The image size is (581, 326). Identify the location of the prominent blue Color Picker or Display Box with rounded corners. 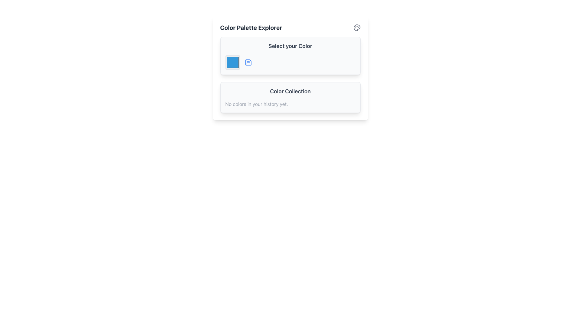
(232, 62).